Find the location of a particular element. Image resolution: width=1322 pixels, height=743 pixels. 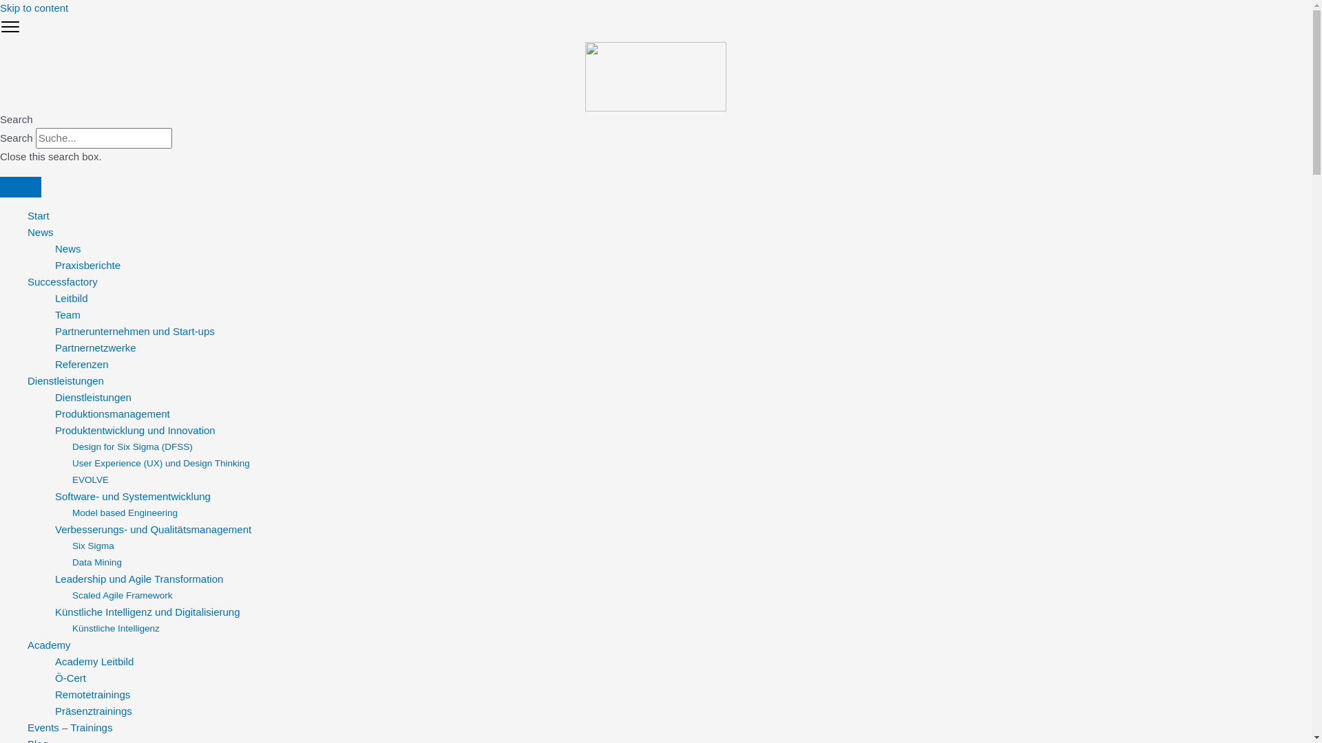

'Start' is located at coordinates (27, 215).